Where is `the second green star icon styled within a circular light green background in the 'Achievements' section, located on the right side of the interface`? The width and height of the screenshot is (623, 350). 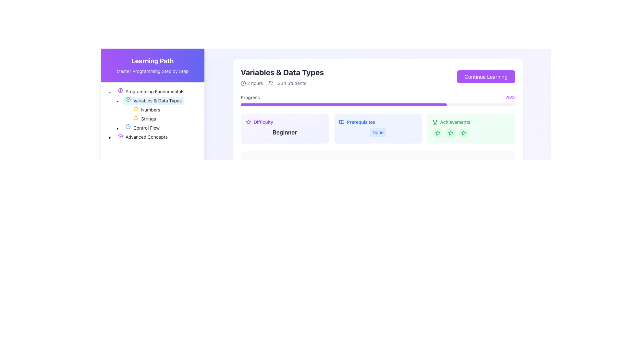 the second green star icon styled within a circular light green background in the 'Achievements' section, located on the right side of the interface is located at coordinates (450, 133).